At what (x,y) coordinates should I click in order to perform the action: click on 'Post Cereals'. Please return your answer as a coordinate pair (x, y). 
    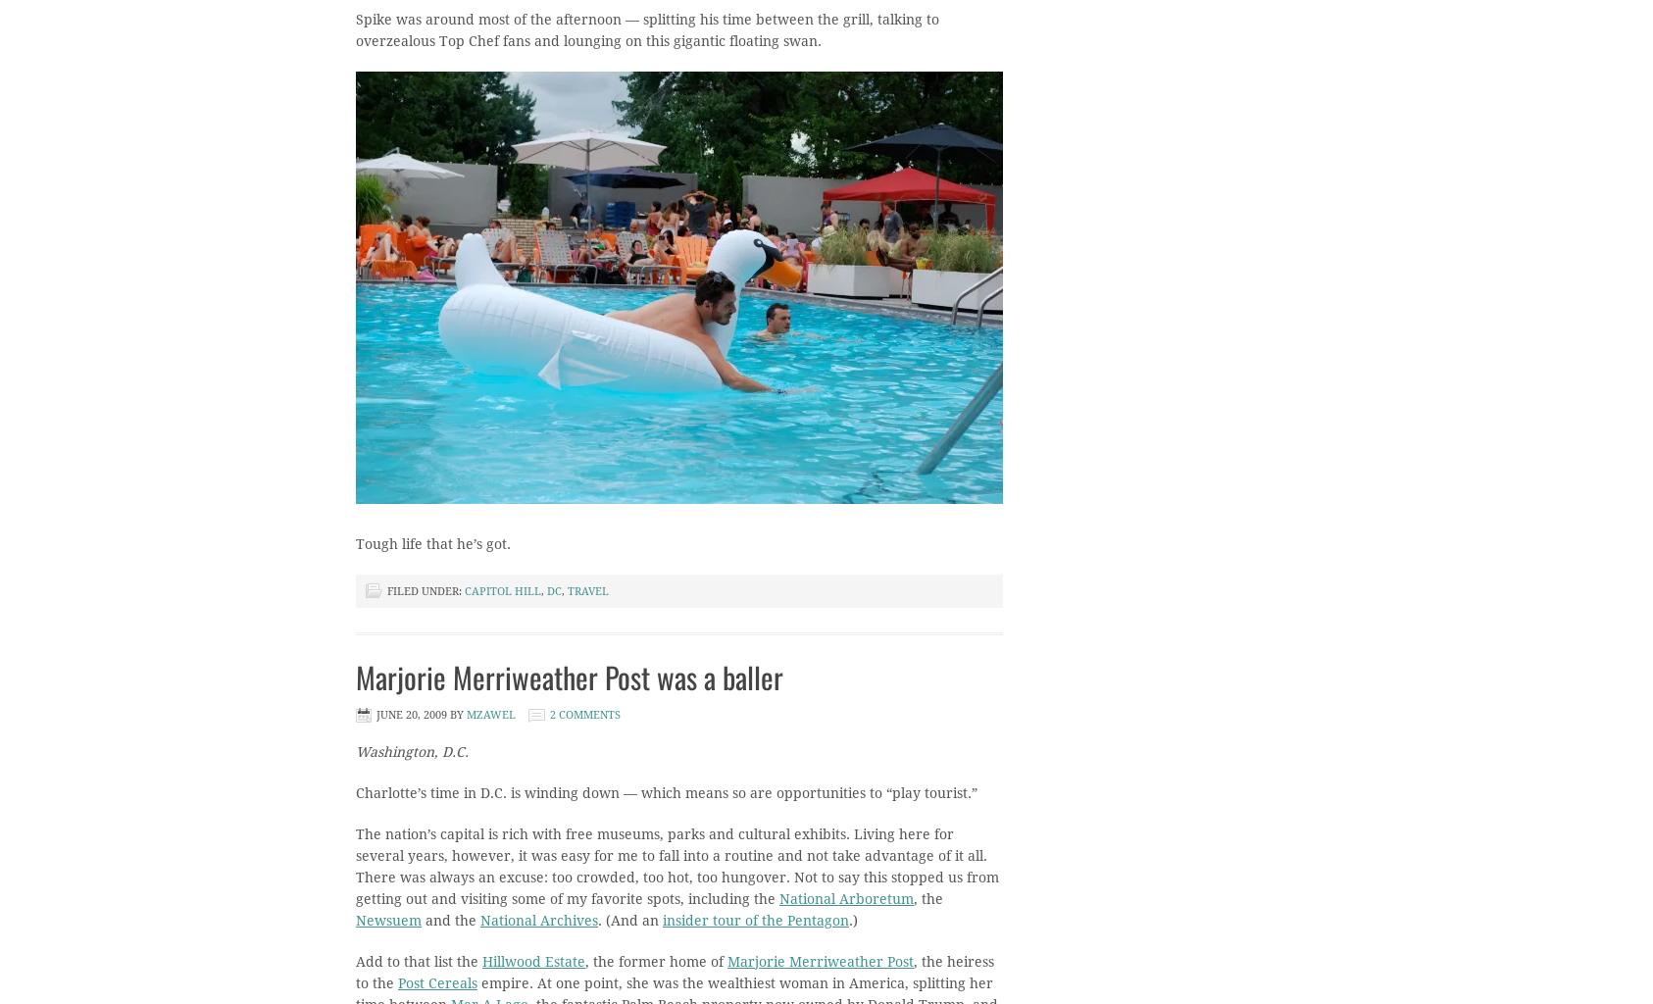
    Looking at the image, I should click on (437, 982).